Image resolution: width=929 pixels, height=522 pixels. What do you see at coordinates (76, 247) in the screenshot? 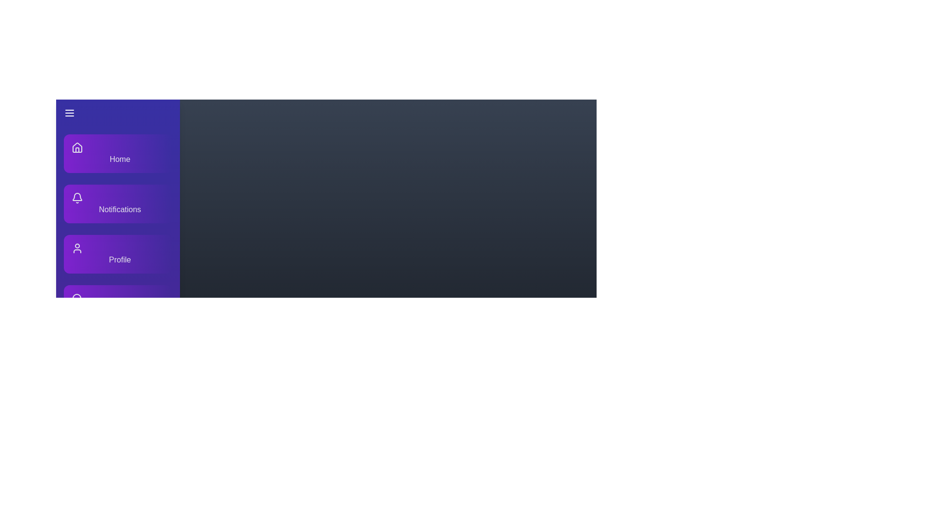
I see `the Profile icon in the menu` at bounding box center [76, 247].